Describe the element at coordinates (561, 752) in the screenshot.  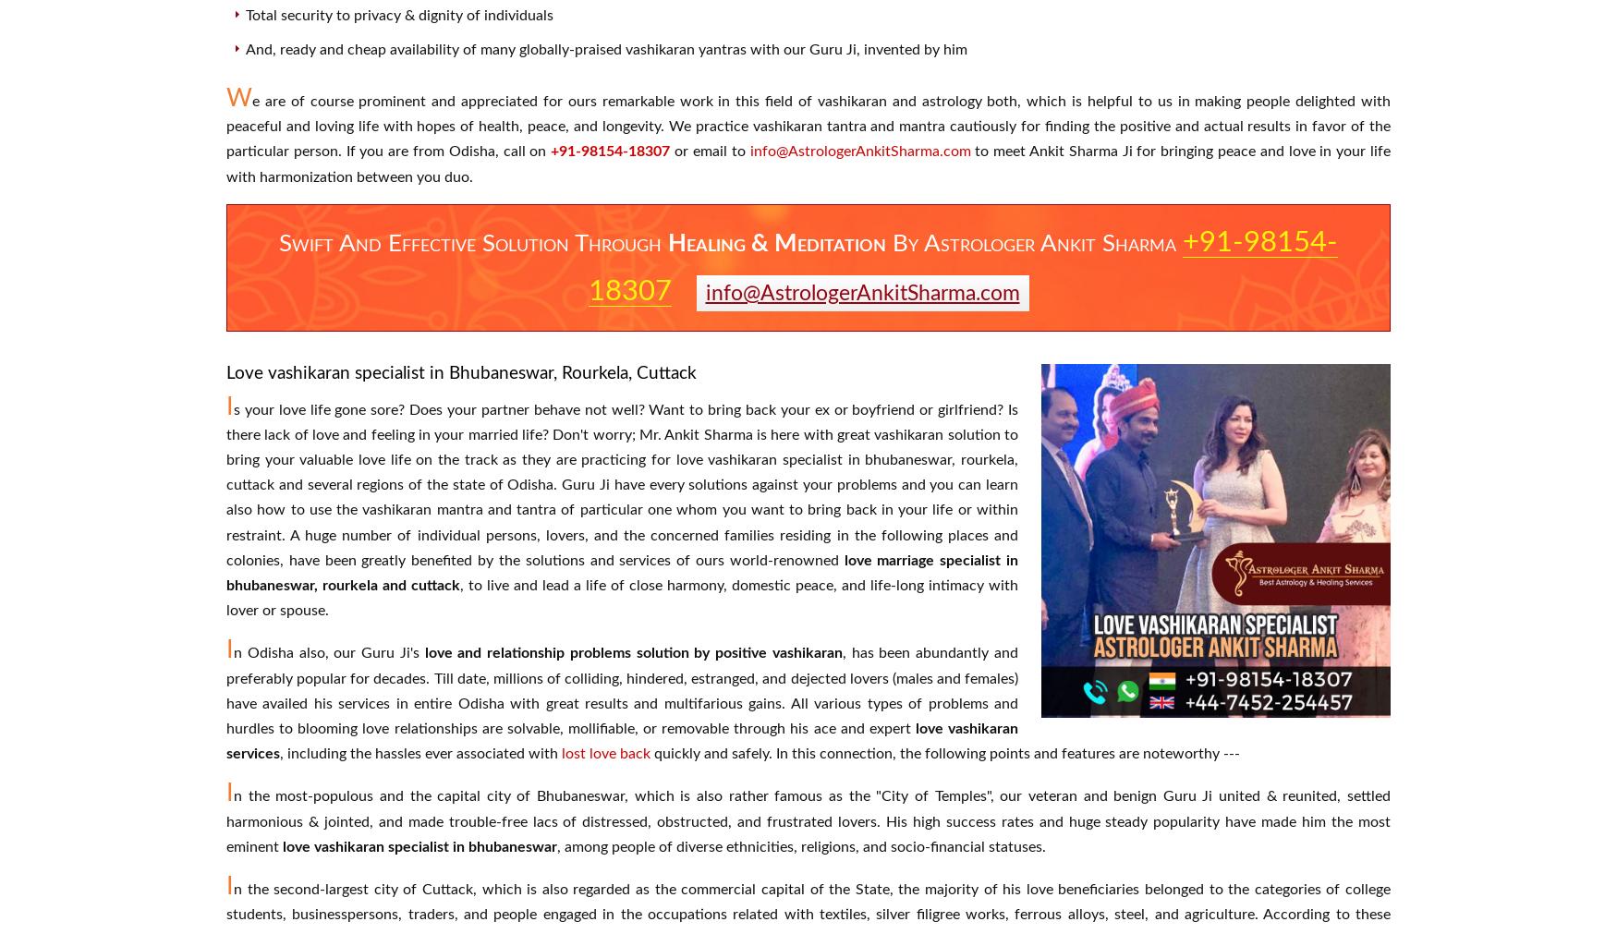
I see `'lost love back'` at that location.